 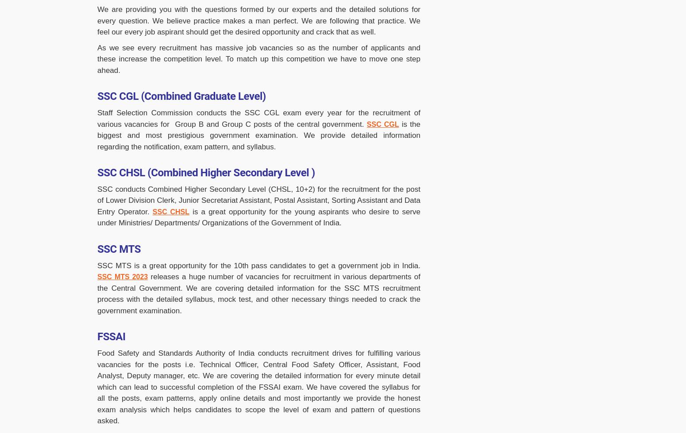 I want to click on 'SSC CGL', so click(x=382, y=124).